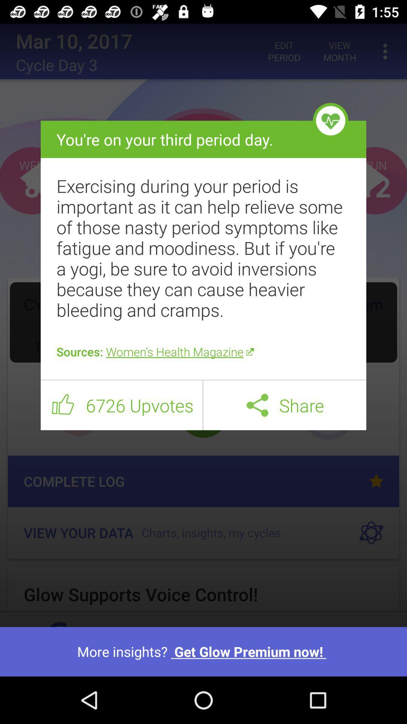 This screenshot has width=407, height=724. What do you see at coordinates (63, 405) in the screenshot?
I see `the icon to the left of 6726 upvotes` at bounding box center [63, 405].